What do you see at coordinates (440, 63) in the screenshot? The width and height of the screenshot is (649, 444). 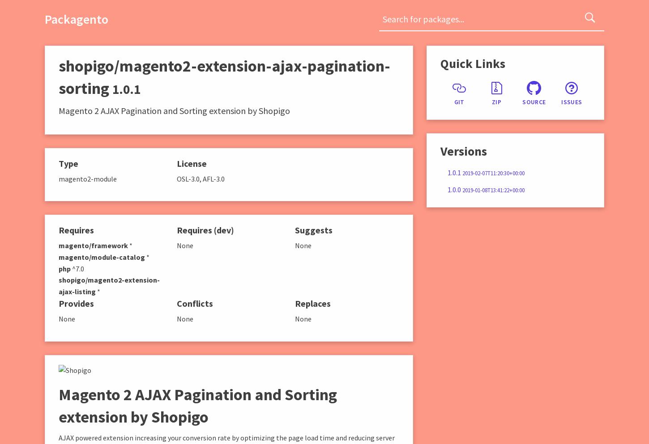 I see `'Quick Links'` at bounding box center [440, 63].